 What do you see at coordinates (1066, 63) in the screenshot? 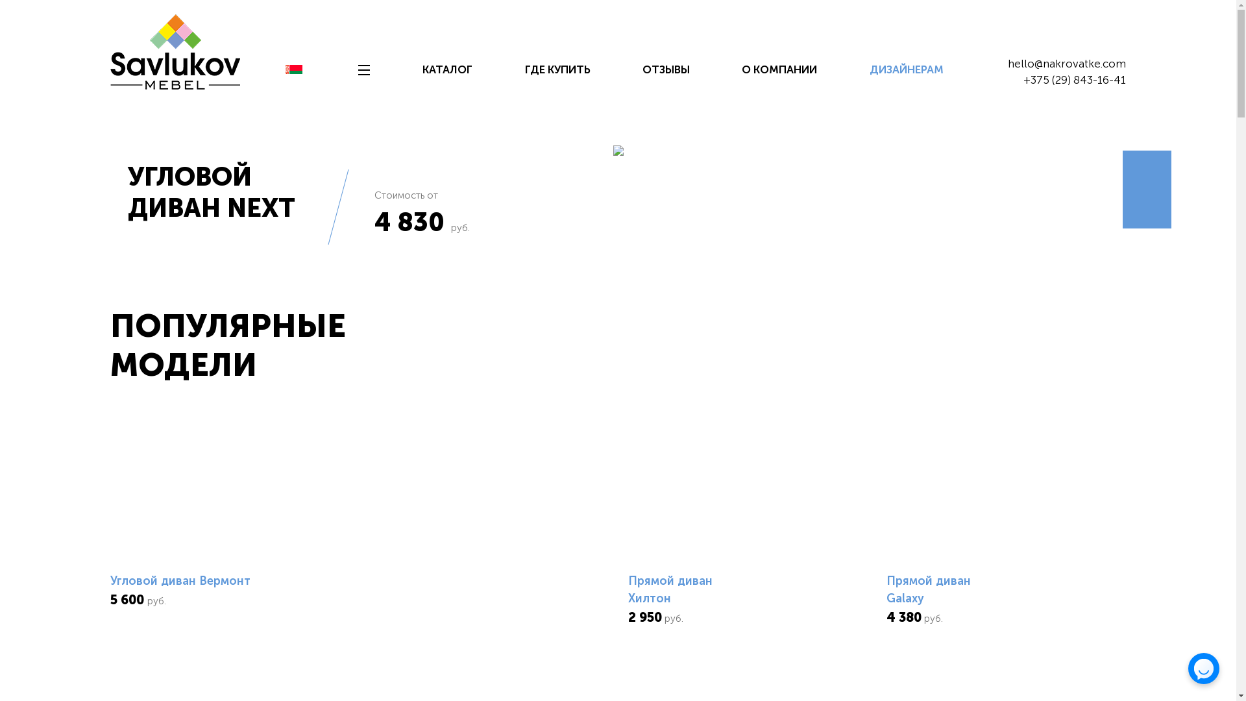
I see `'hello@nakrovatke.com'` at bounding box center [1066, 63].